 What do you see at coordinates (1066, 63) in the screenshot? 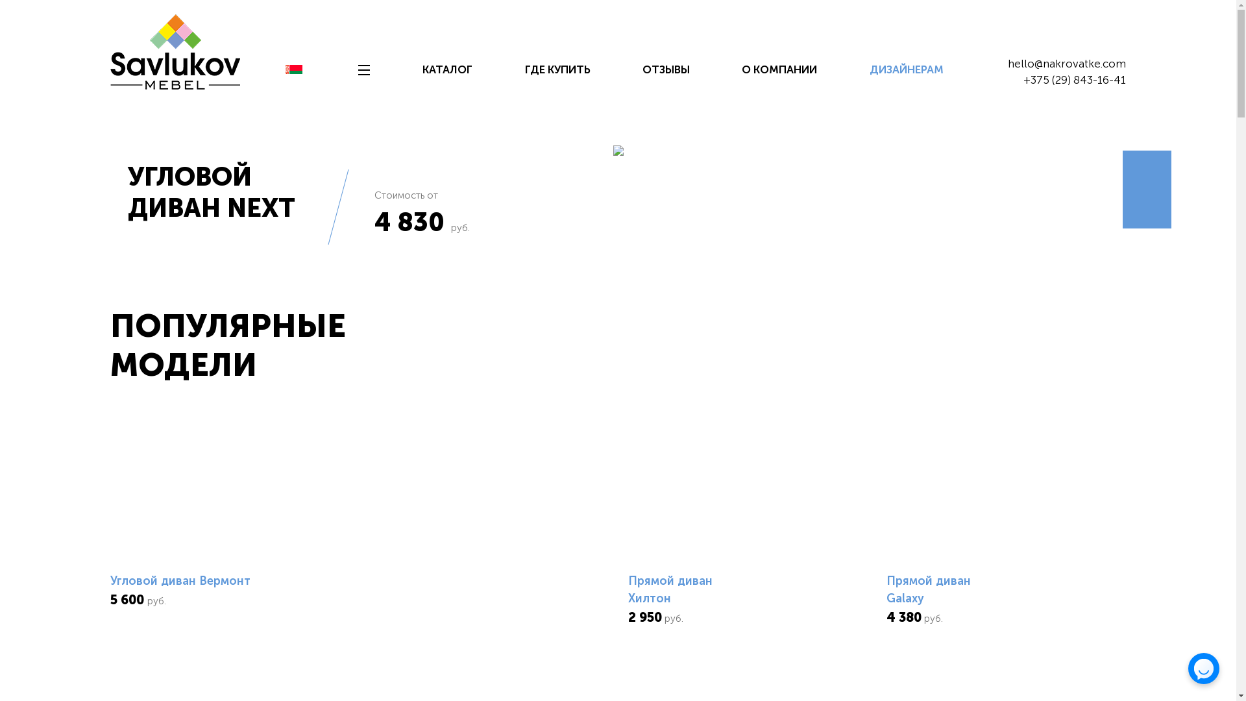
I see `'hello@nakrovatke.com'` at bounding box center [1066, 63].